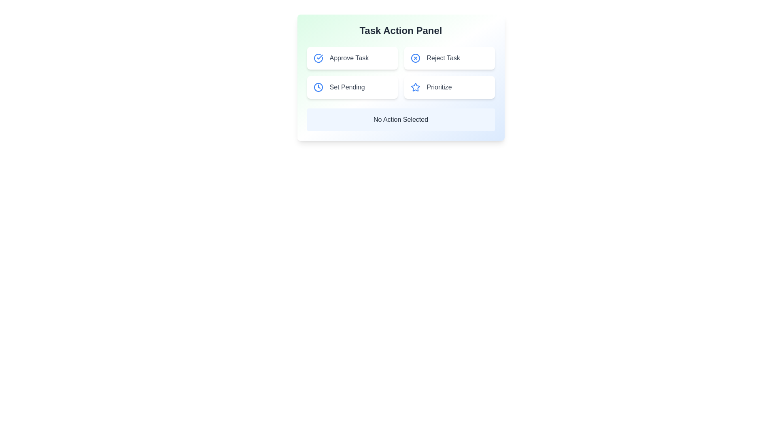 The height and width of the screenshot is (437, 777). I want to click on the star icon that represents the prioritization feature for tasks, located on the left side of the 'Prioritize' button in the bottom-right part of the action button grid, so click(415, 87).